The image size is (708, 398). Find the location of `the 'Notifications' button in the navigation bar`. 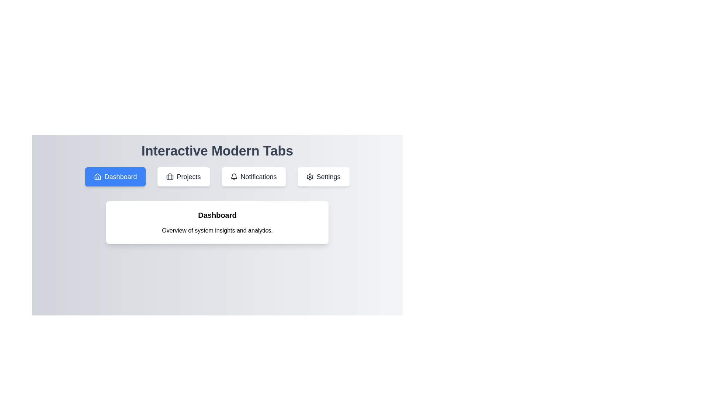

the 'Notifications' button in the navigation bar is located at coordinates (253, 177).